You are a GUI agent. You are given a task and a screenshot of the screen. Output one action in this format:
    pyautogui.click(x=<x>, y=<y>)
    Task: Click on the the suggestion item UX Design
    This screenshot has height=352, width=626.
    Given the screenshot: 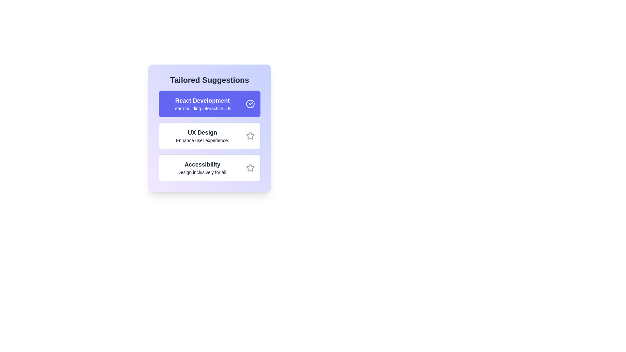 What is the action you would take?
    pyautogui.click(x=210, y=135)
    